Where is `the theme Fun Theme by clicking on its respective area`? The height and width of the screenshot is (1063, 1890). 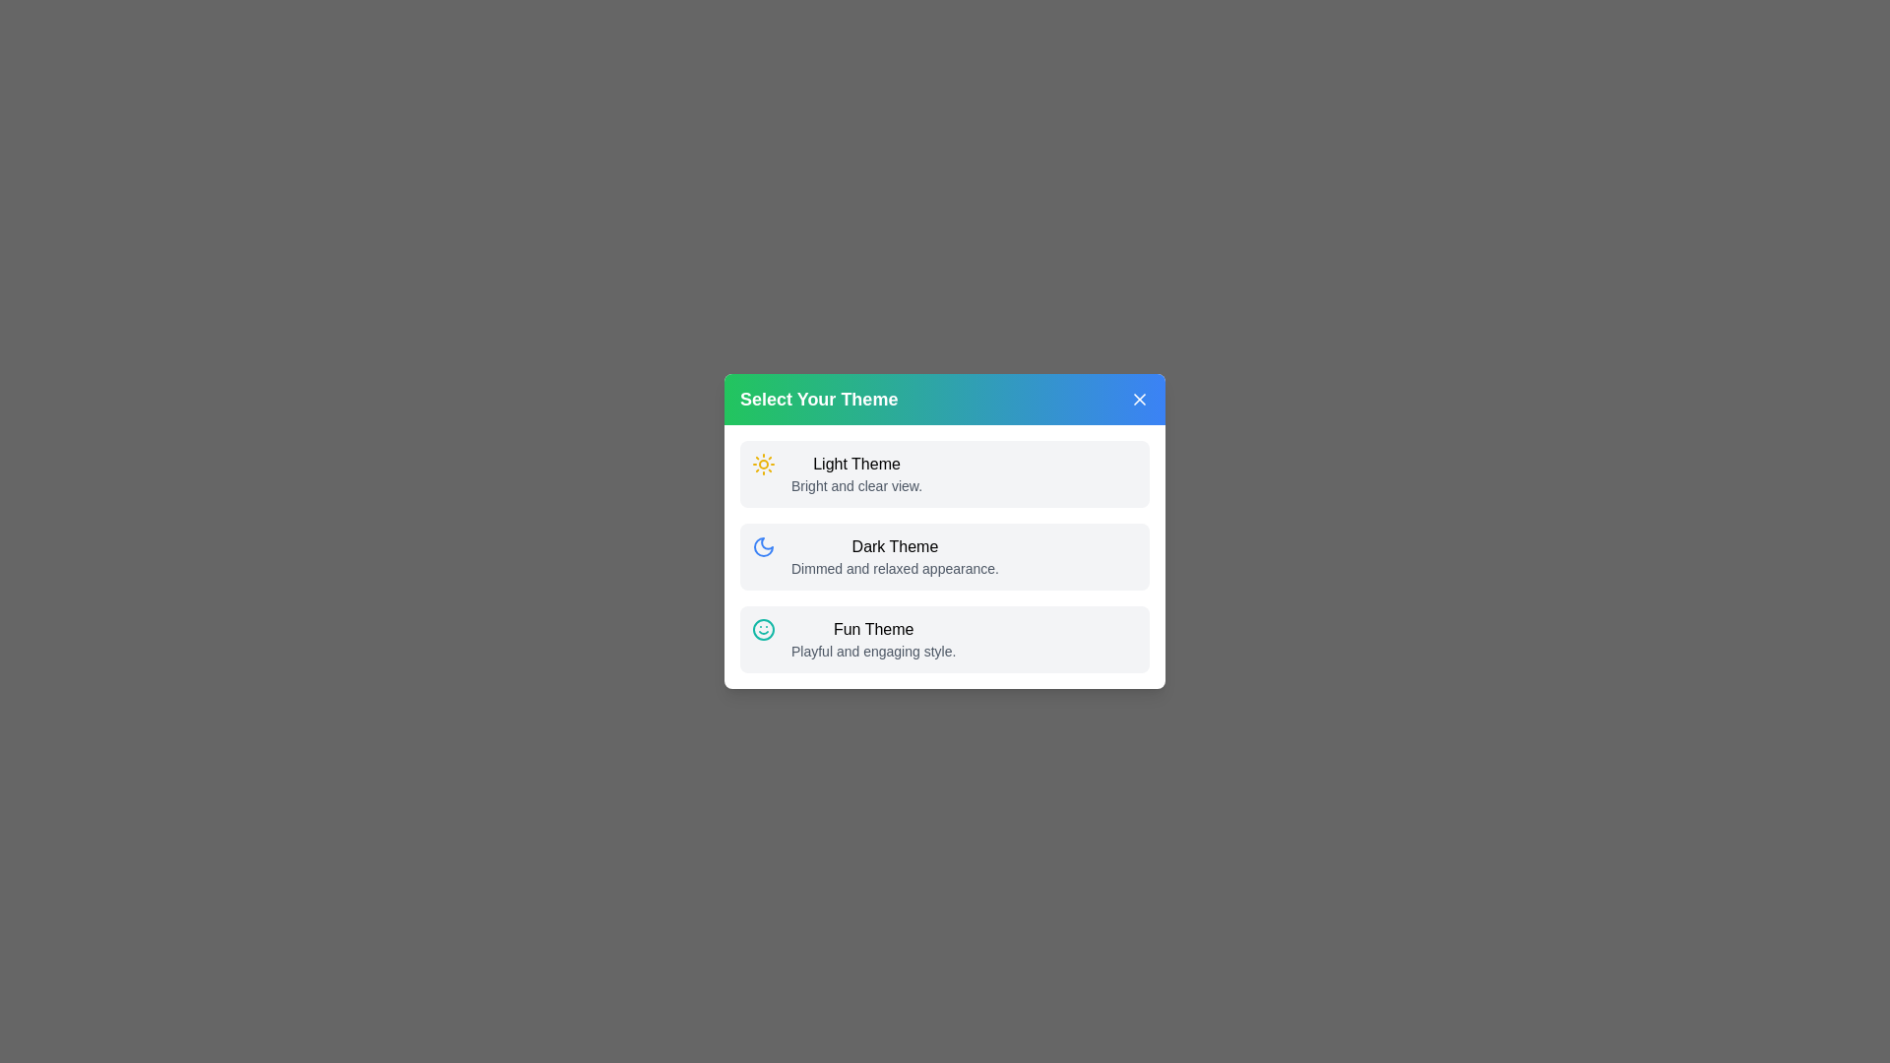
the theme Fun Theme by clicking on its respective area is located at coordinates (945, 640).